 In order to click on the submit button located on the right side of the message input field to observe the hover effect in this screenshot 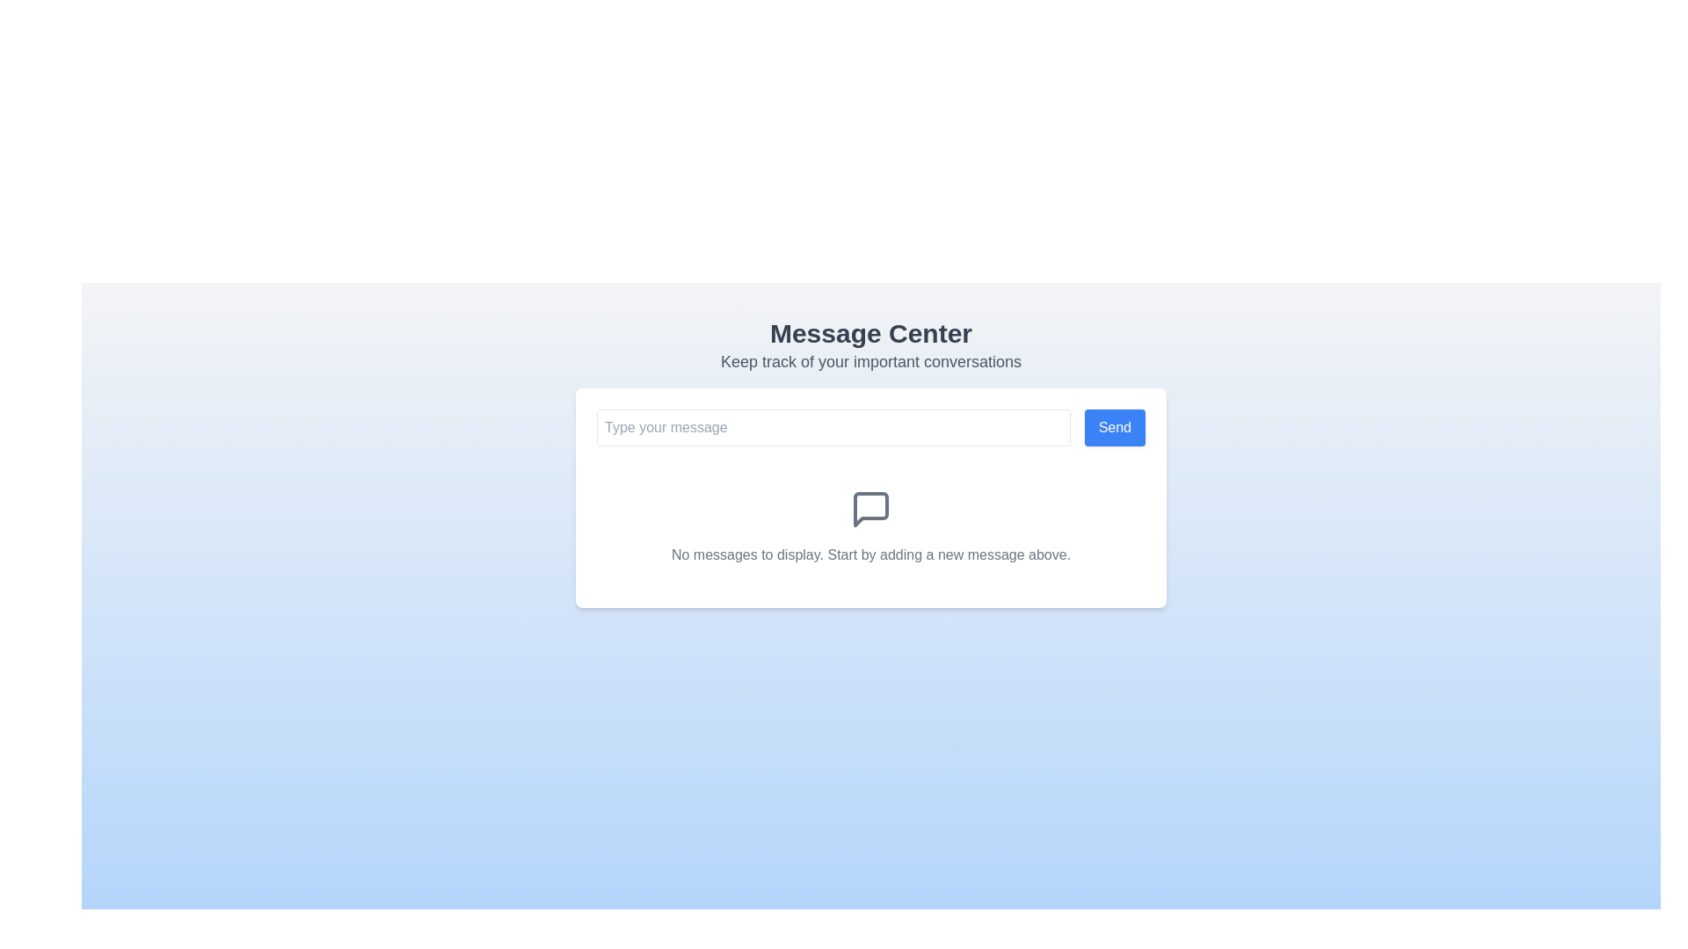, I will do `click(1114, 427)`.